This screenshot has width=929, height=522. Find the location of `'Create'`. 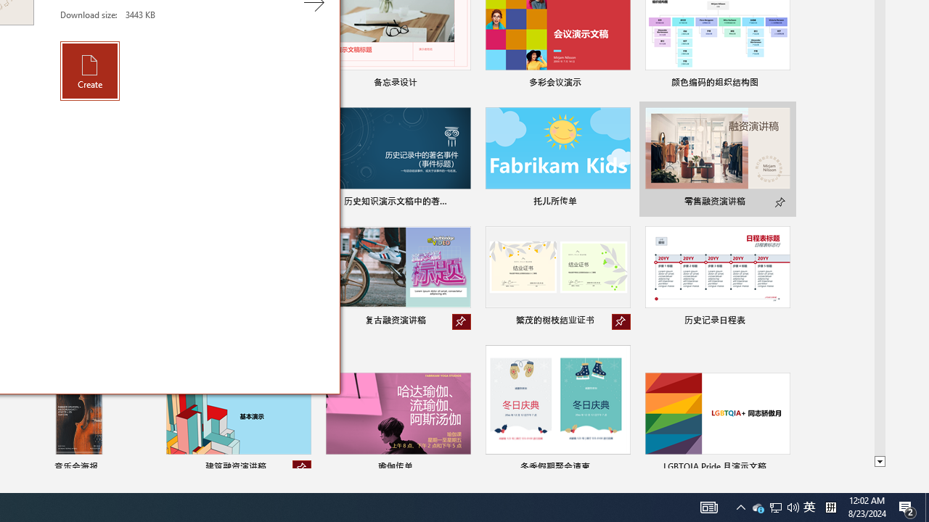

'Create' is located at coordinates (89, 70).